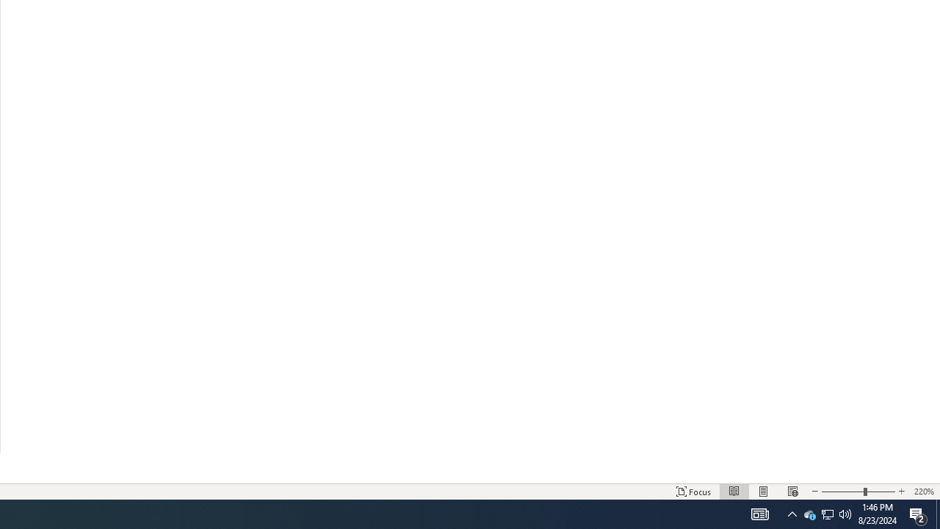 The height and width of the screenshot is (529, 940). Describe the element at coordinates (900, 492) in the screenshot. I see `'Increase Text Size'` at that location.